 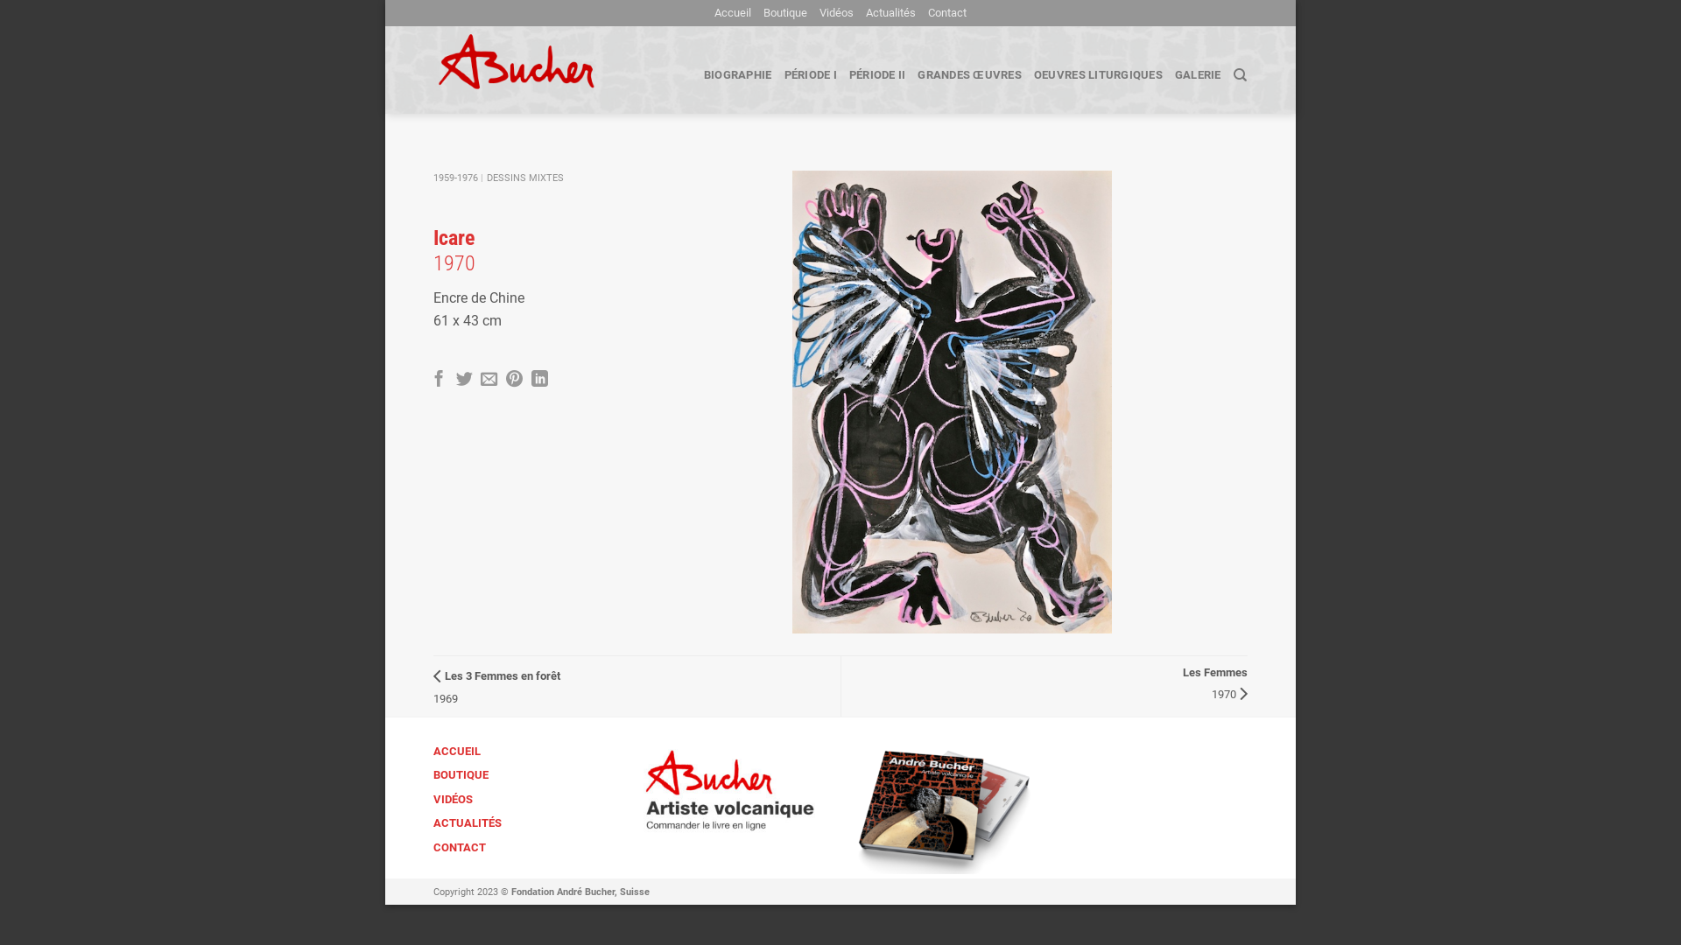 What do you see at coordinates (504, 379) in the screenshot?
I see `'Epingler sur Pinterest'` at bounding box center [504, 379].